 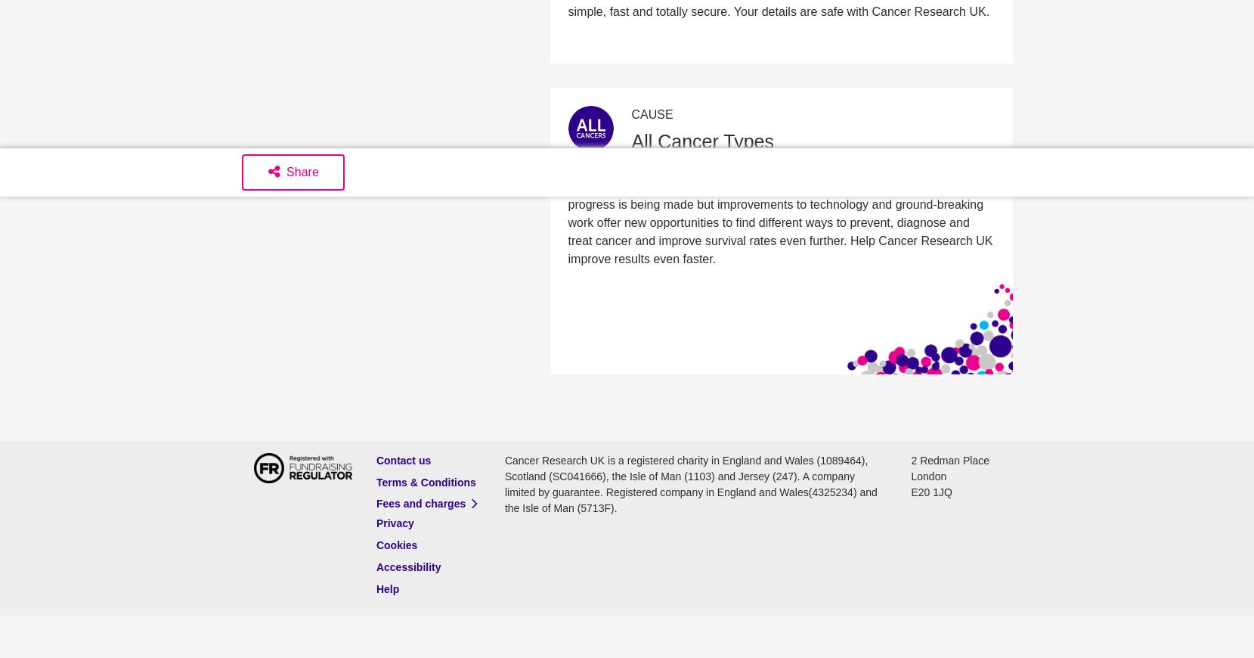 I want to click on 'All Cancer Types', so click(x=702, y=140).